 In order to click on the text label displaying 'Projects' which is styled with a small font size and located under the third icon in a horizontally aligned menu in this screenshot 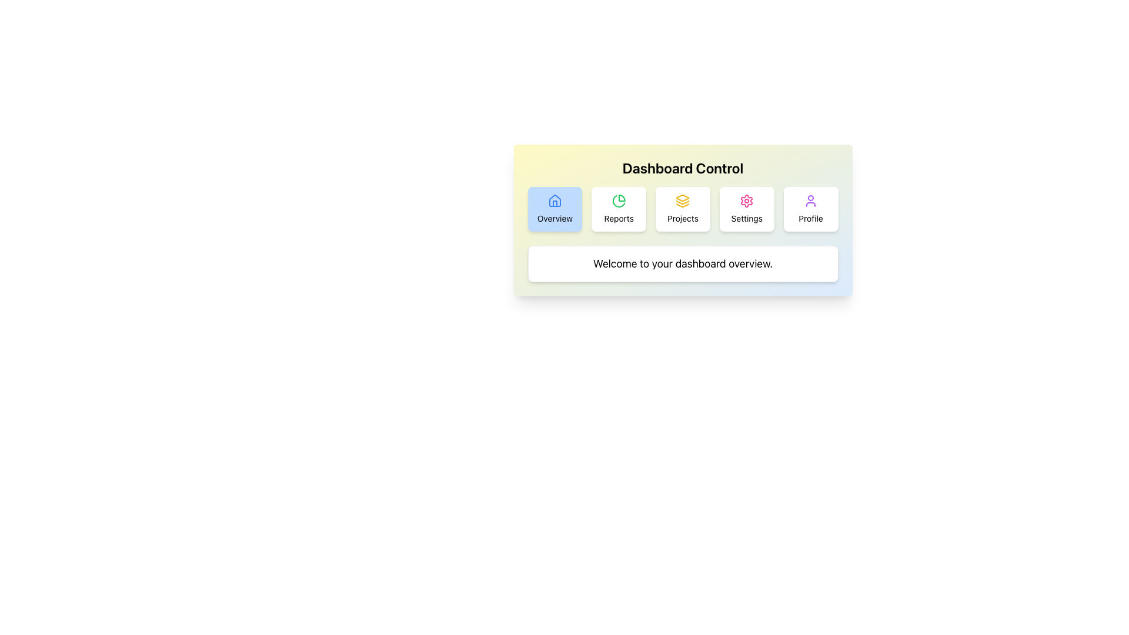, I will do `click(683, 218)`.